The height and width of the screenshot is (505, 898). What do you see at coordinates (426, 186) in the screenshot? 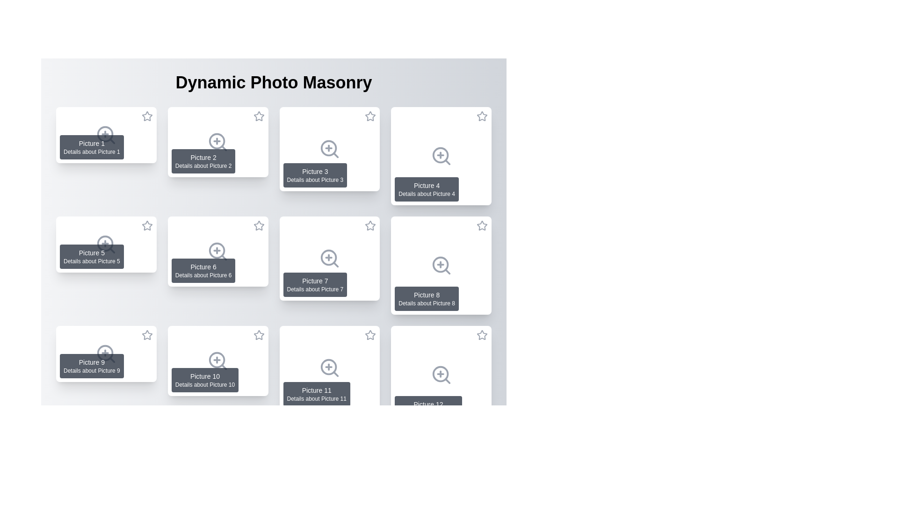
I see `the static text label displaying 'Picture 4' located in the fourth card from the left in the second row` at bounding box center [426, 186].